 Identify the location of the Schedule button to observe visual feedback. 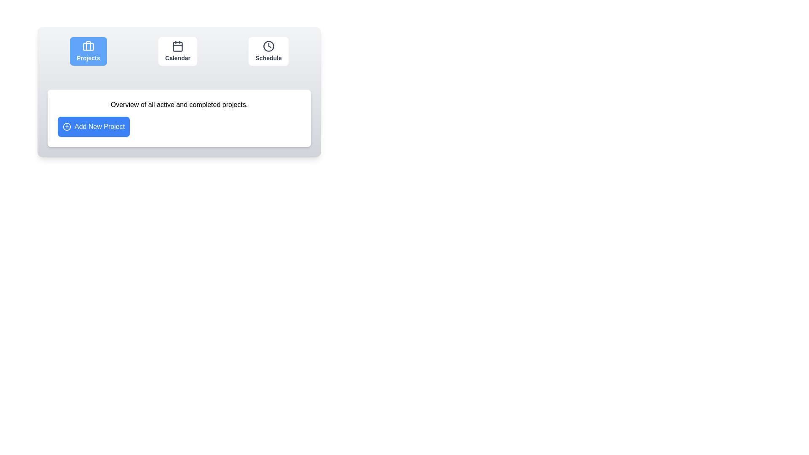
(268, 51).